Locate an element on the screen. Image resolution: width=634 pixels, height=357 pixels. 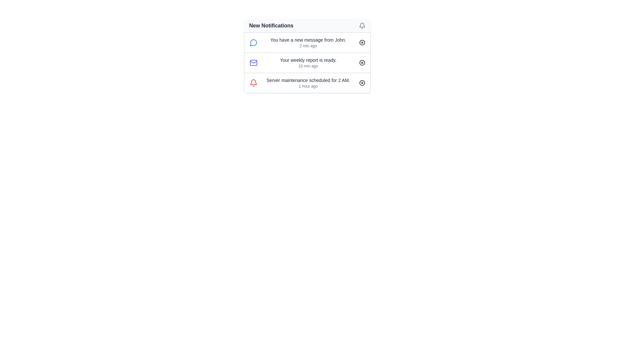
the red bell icon located adjacent to the text 'Server maintenance scheduled for 2 AM.' in the last row of notifications is located at coordinates (253, 82).